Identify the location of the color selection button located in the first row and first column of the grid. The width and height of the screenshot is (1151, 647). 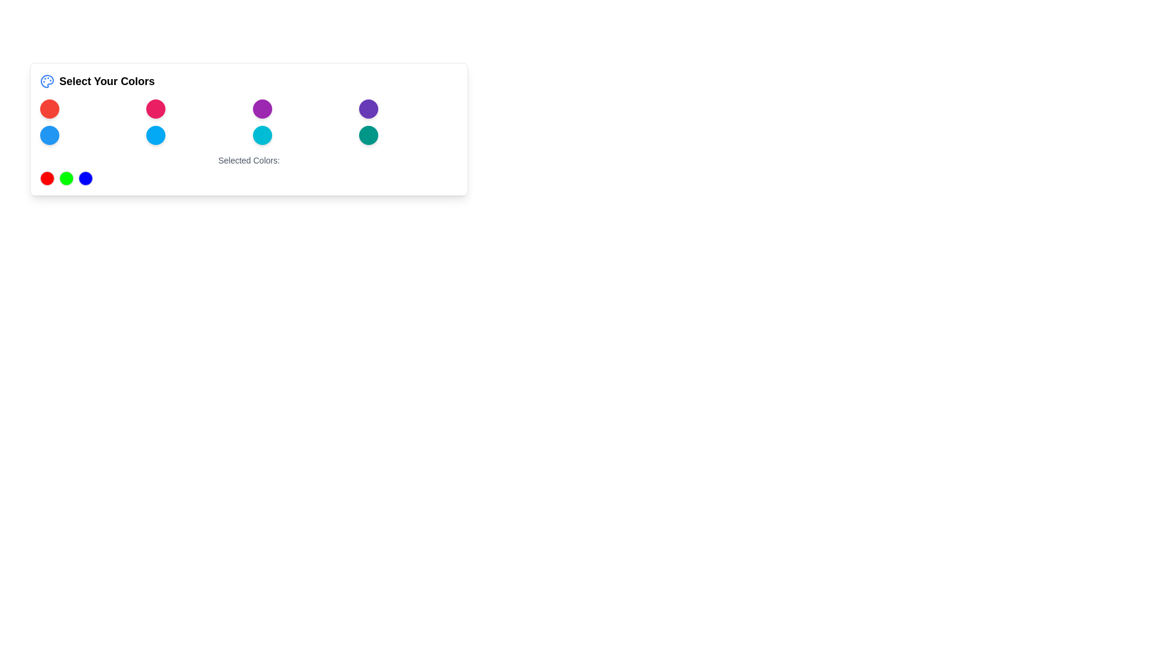
(49, 108).